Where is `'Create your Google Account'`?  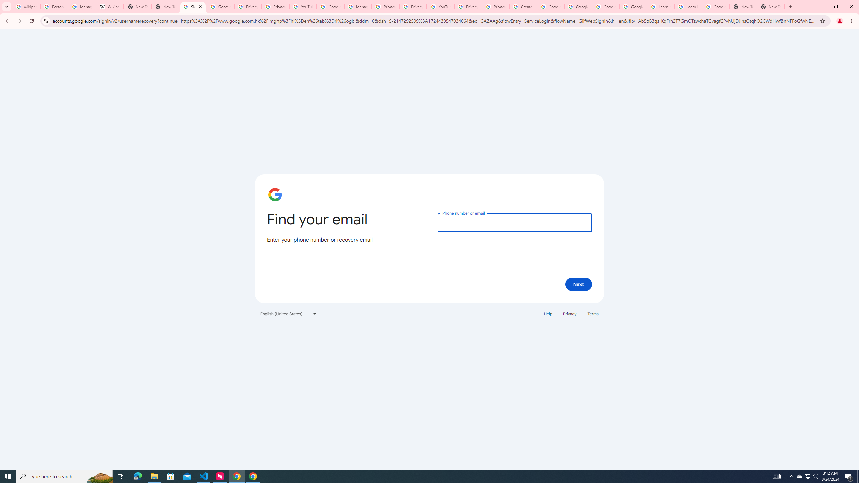 'Create your Google Account' is located at coordinates (523, 6).